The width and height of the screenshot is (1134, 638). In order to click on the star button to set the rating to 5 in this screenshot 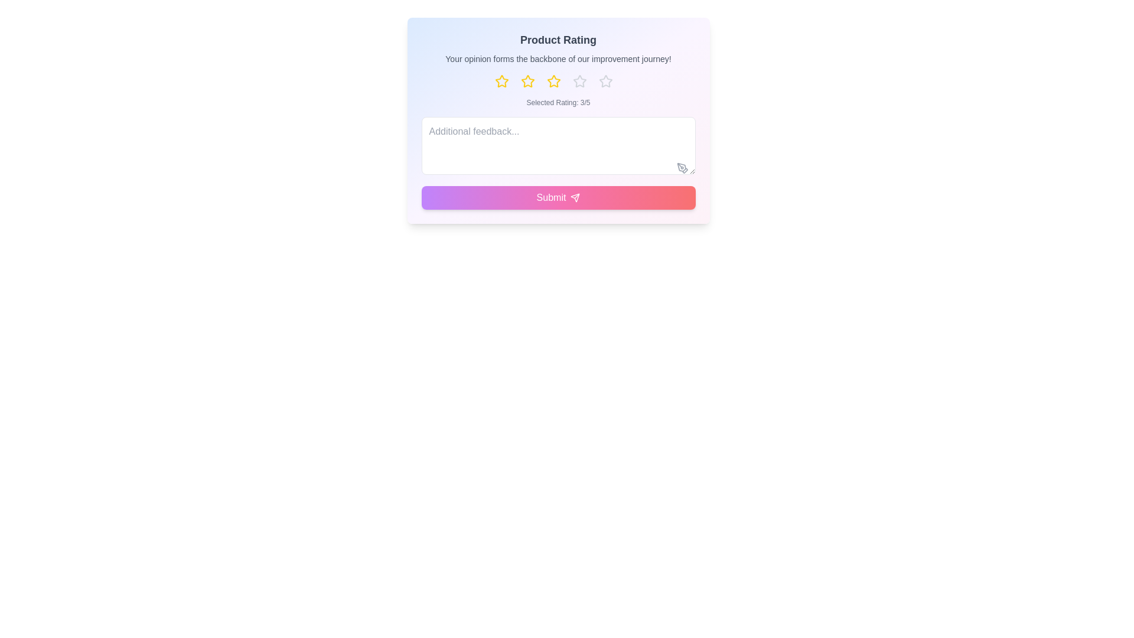, I will do `click(610, 81)`.